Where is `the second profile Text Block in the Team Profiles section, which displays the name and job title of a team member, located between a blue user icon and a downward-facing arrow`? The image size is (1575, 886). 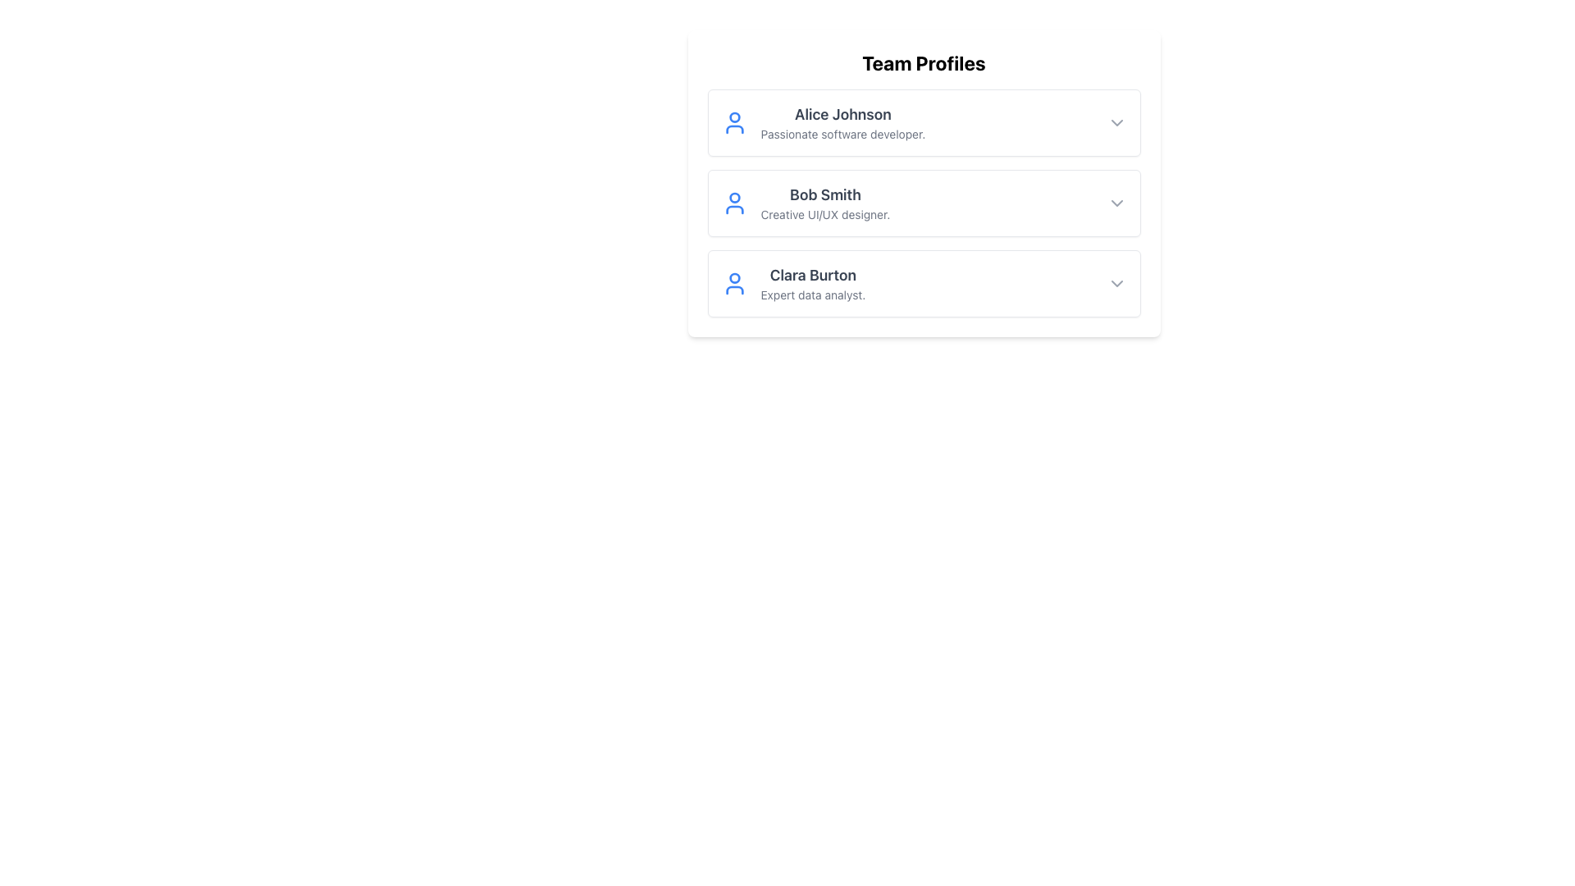
the second profile Text Block in the Team Profiles section, which displays the name and job title of a team member, located between a blue user icon and a downward-facing arrow is located at coordinates (825, 202).